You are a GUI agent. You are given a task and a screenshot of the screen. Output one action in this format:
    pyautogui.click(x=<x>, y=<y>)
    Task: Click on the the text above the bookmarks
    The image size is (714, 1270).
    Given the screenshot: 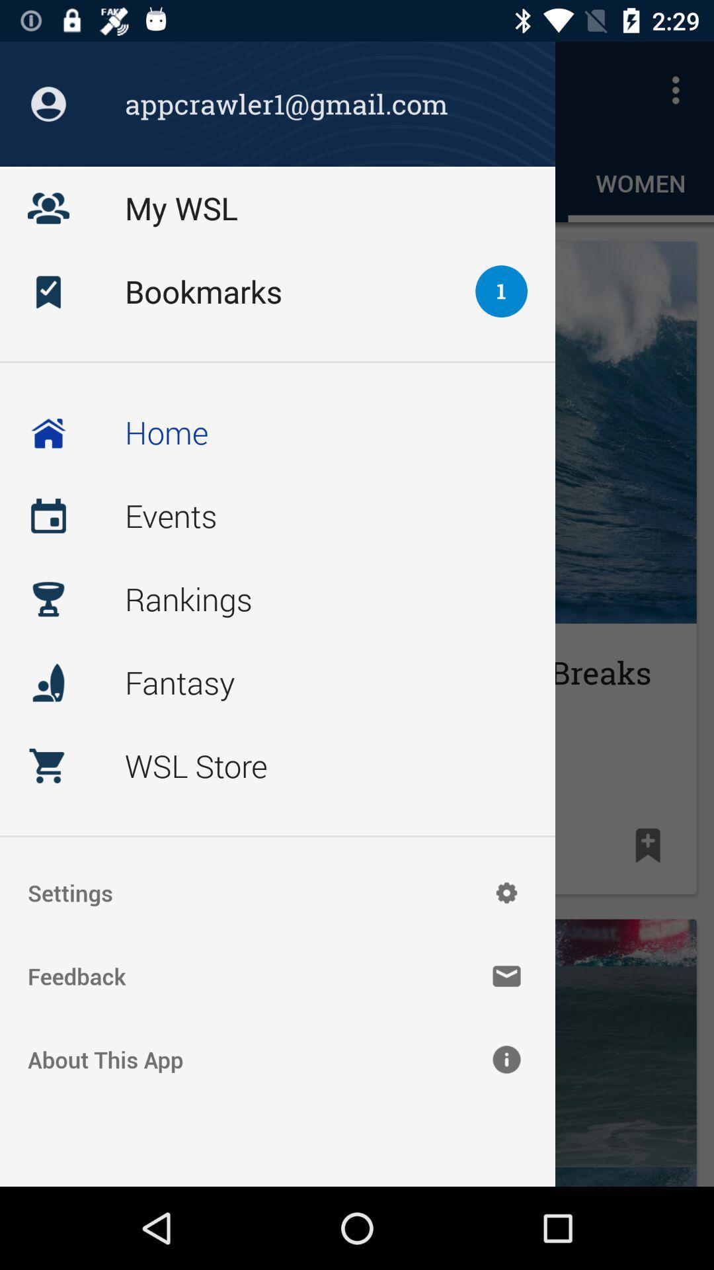 What is the action you would take?
    pyautogui.click(x=308, y=180)
    